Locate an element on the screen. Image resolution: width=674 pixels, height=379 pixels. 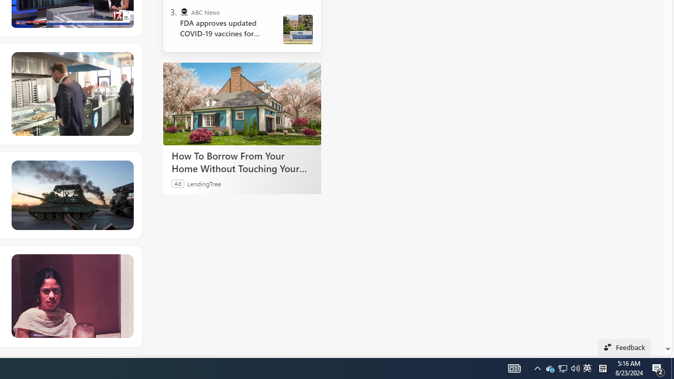
'JD Vance struggles to make small talk while ordering donuts' is located at coordinates (71, 94).